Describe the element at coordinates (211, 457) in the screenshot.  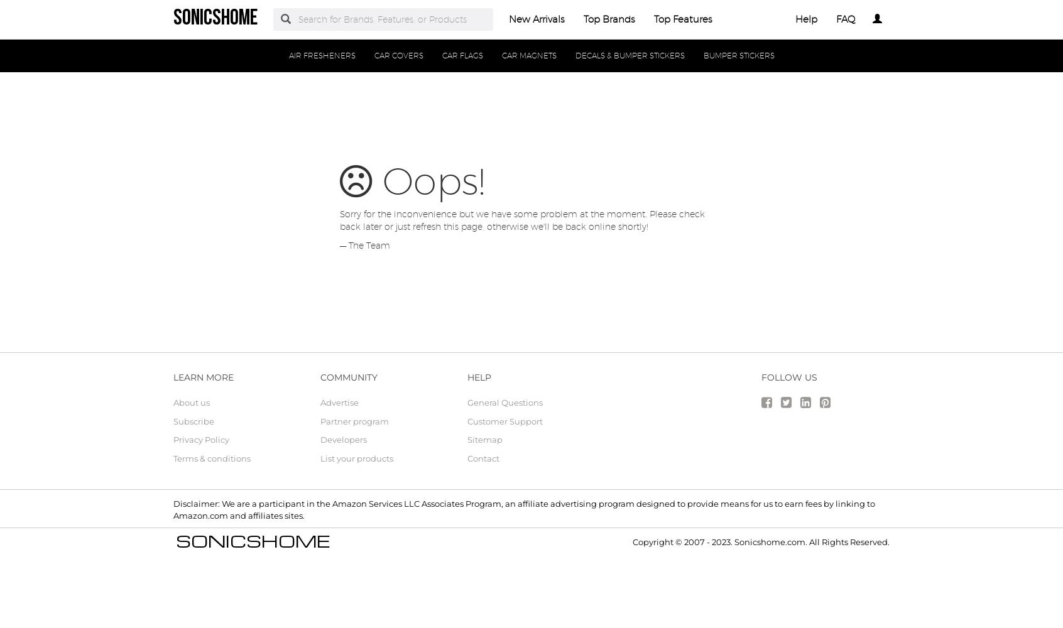
I see `'Terms & conditions'` at that location.